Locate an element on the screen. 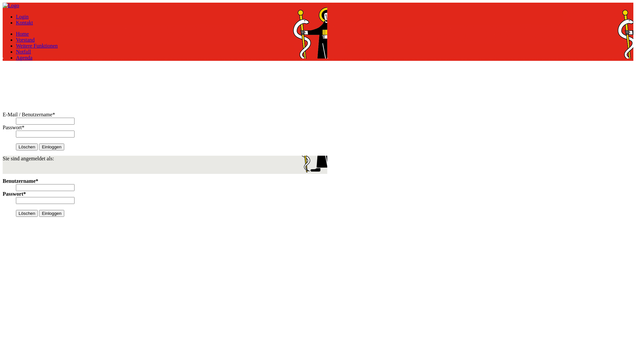  'Agenda' is located at coordinates (24, 57).